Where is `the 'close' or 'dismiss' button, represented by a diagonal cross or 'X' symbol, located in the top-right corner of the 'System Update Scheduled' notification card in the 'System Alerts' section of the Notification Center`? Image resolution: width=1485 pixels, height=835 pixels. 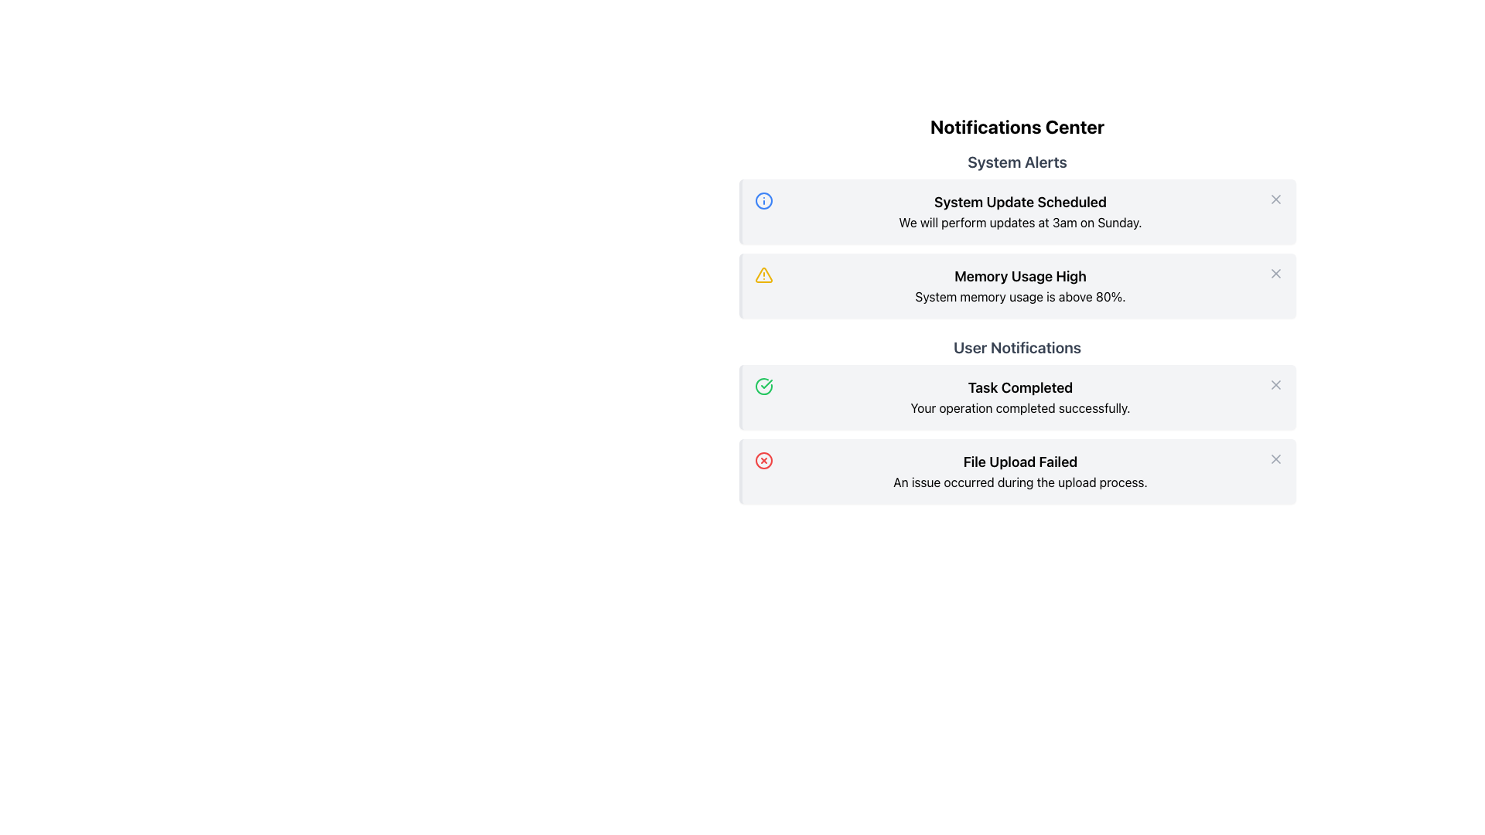 the 'close' or 'dismiss' button, represented by a diagonal cross or 'X' symbol, located in the top-right corner of the 'System Update Scheduled' notification card in the 'System Alerts' section of the Notification Center is located at coordinates (1275, 199).